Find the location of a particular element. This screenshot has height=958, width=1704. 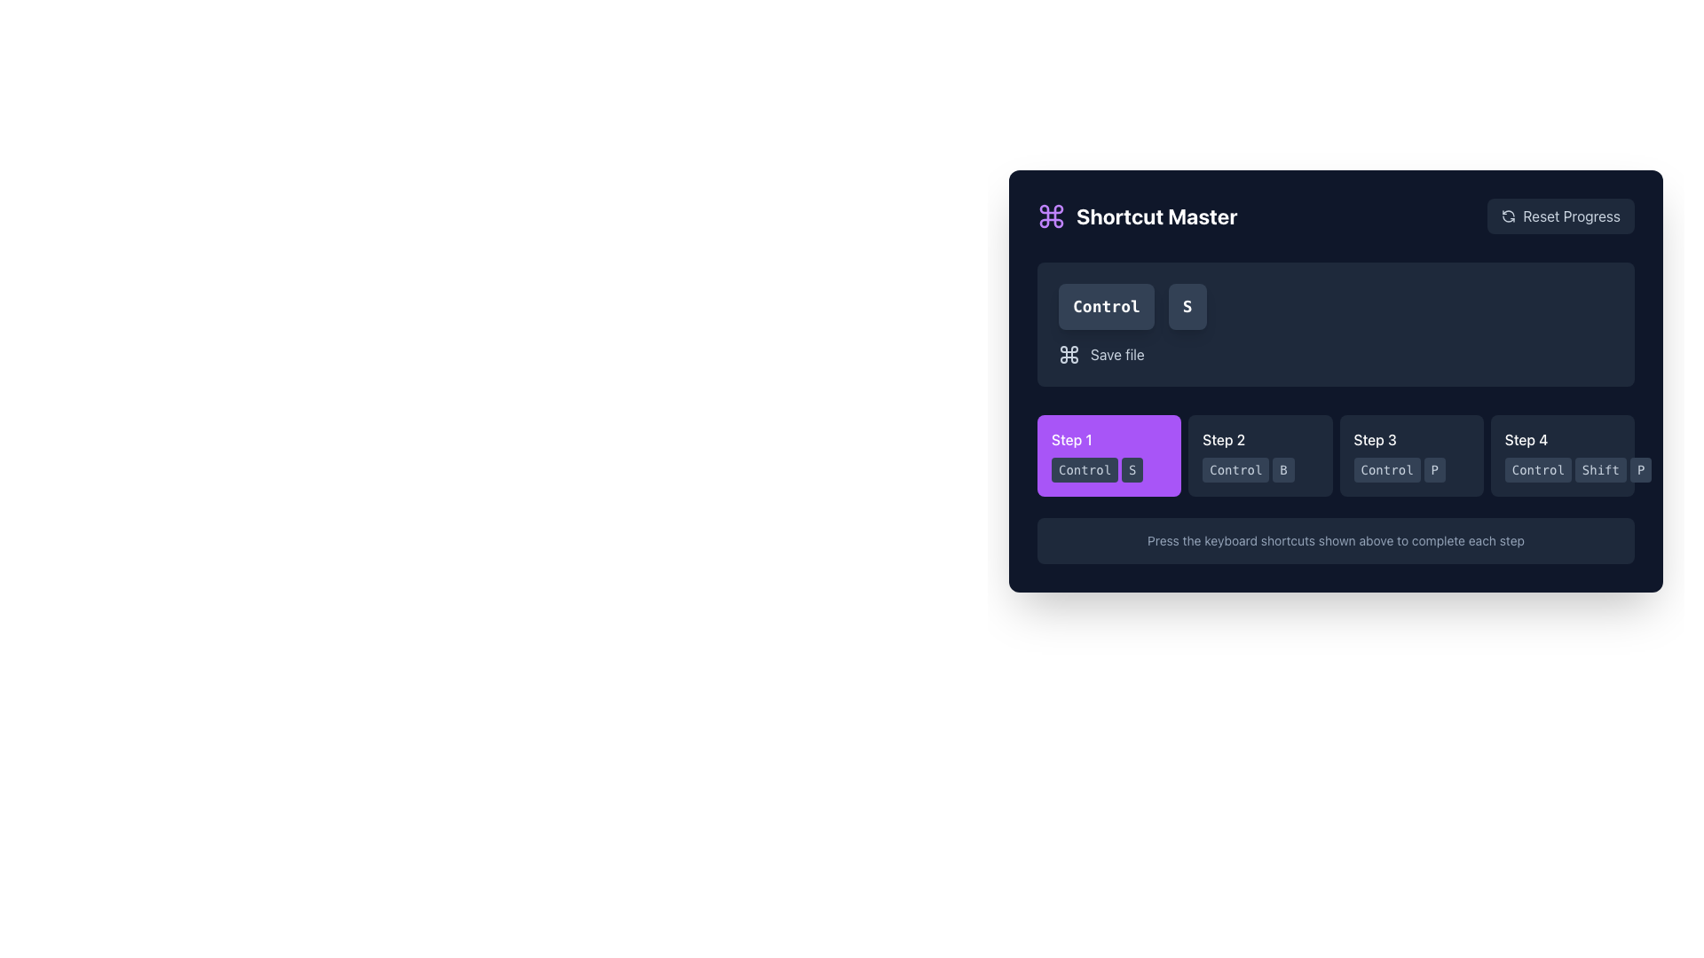

the 'Reset Progress' icon located to the left of the 'Reset Progress' text in the button at the top-right corner of the 'Shortcut Master' box is located at coordinates (1508, 215).